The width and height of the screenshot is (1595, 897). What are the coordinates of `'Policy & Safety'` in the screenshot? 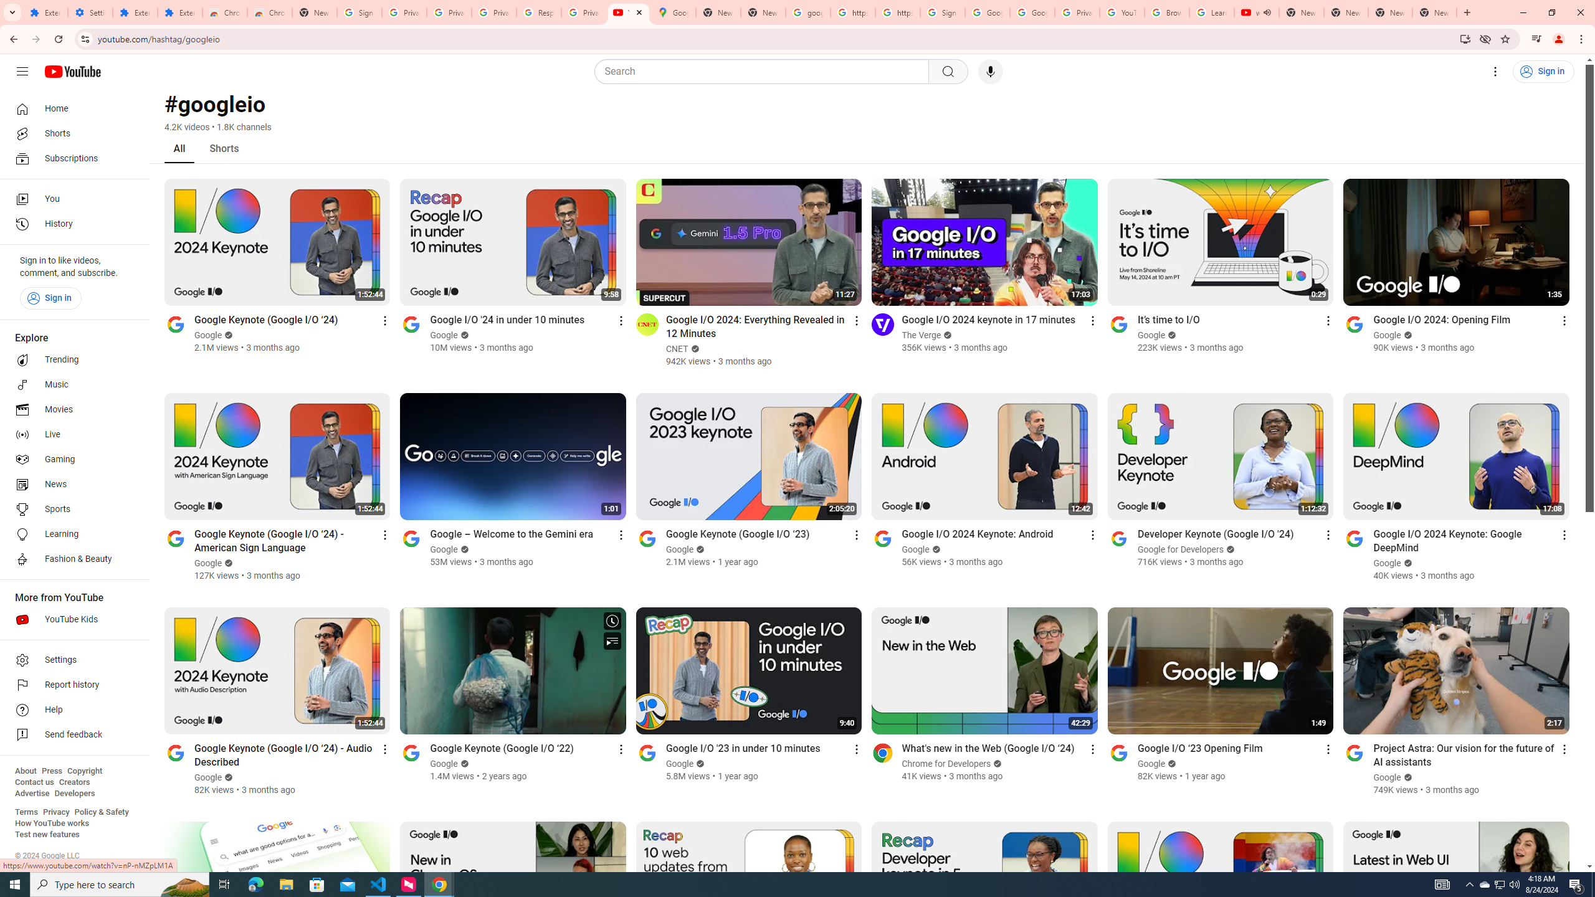 It's located at (101, 811).